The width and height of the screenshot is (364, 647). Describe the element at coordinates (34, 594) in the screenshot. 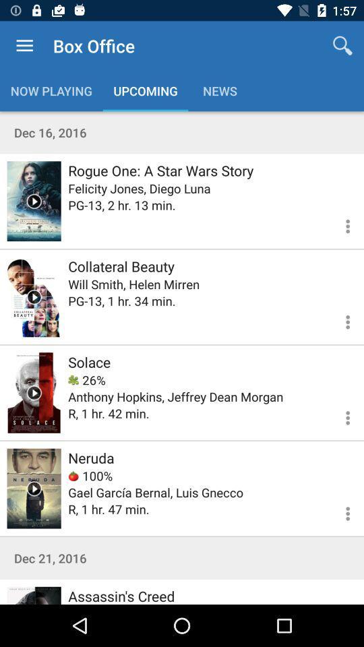

I see `movie` at that location.